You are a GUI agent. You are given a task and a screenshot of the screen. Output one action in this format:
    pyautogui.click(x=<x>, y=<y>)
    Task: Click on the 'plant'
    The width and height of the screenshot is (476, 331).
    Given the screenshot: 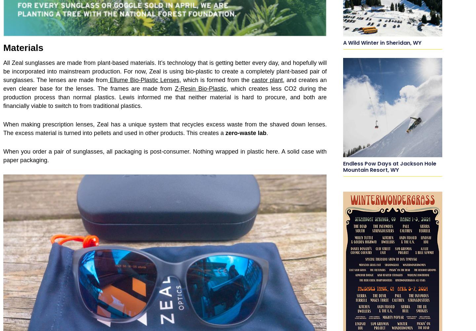 What is the action you would take?
    pyautogui.click(x=276, y=80)
    